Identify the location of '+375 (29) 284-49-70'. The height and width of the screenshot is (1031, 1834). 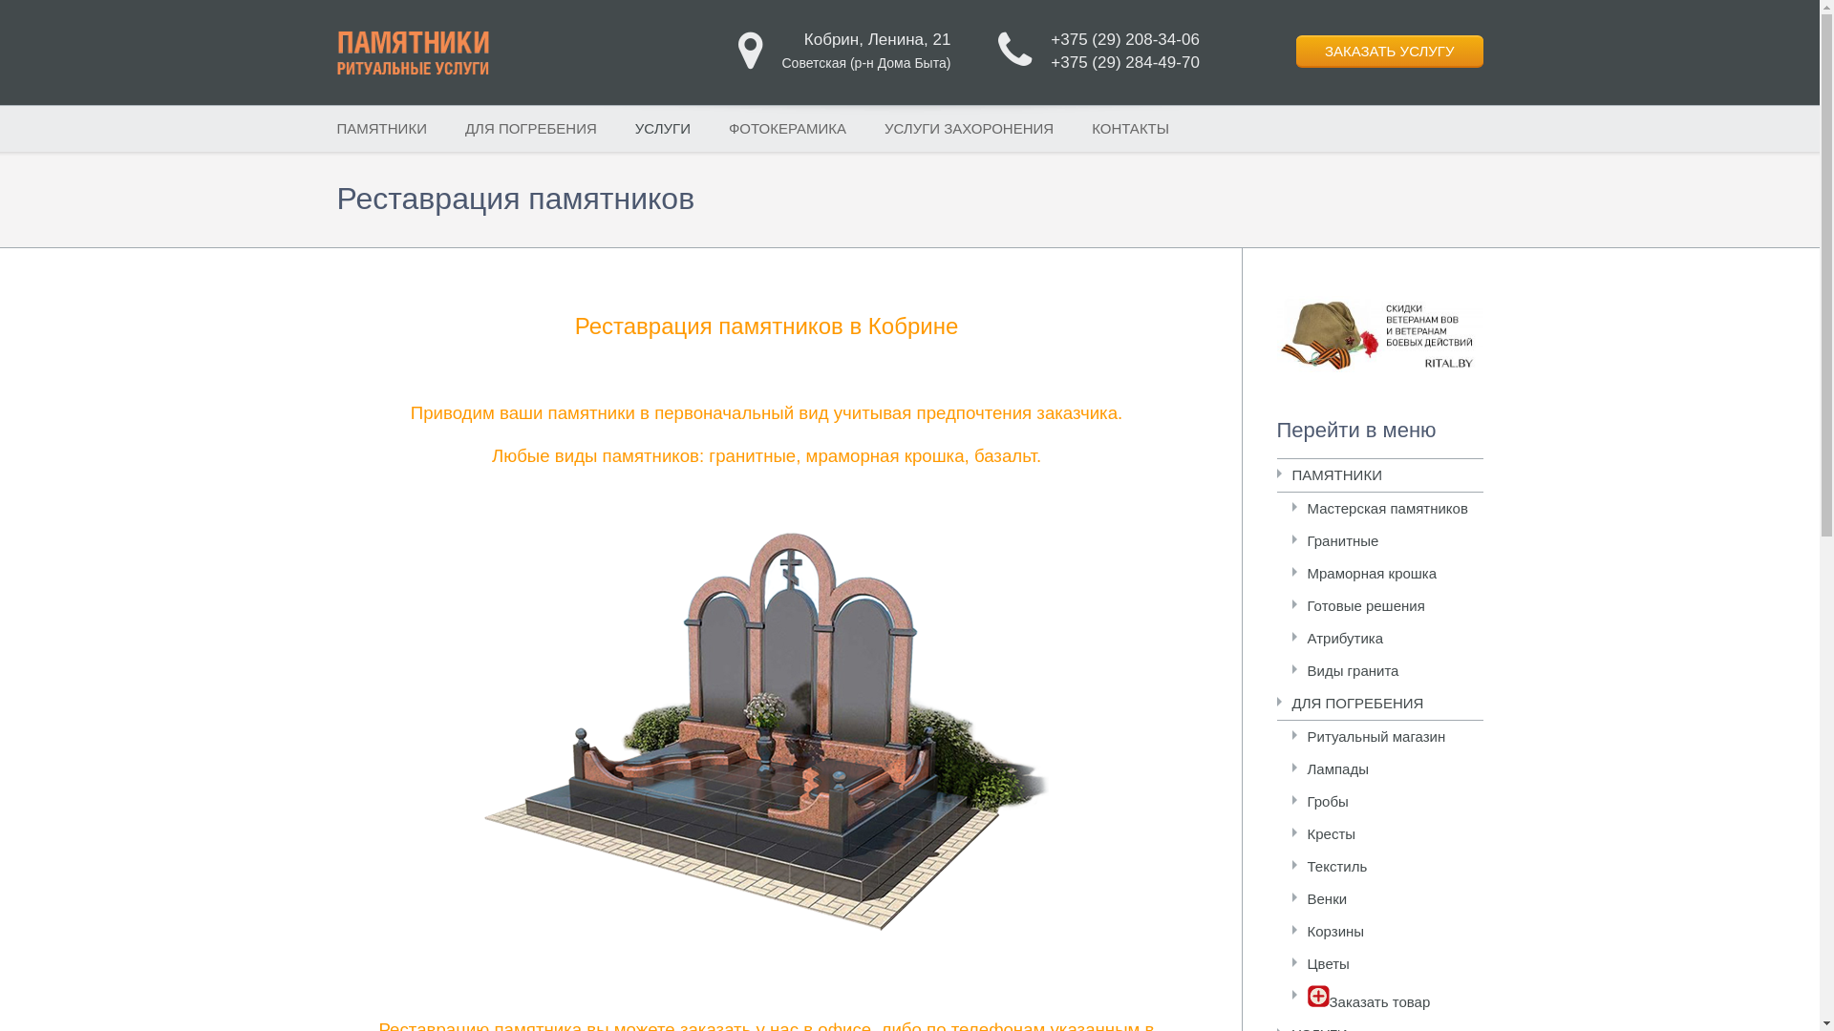
(1124, 61).